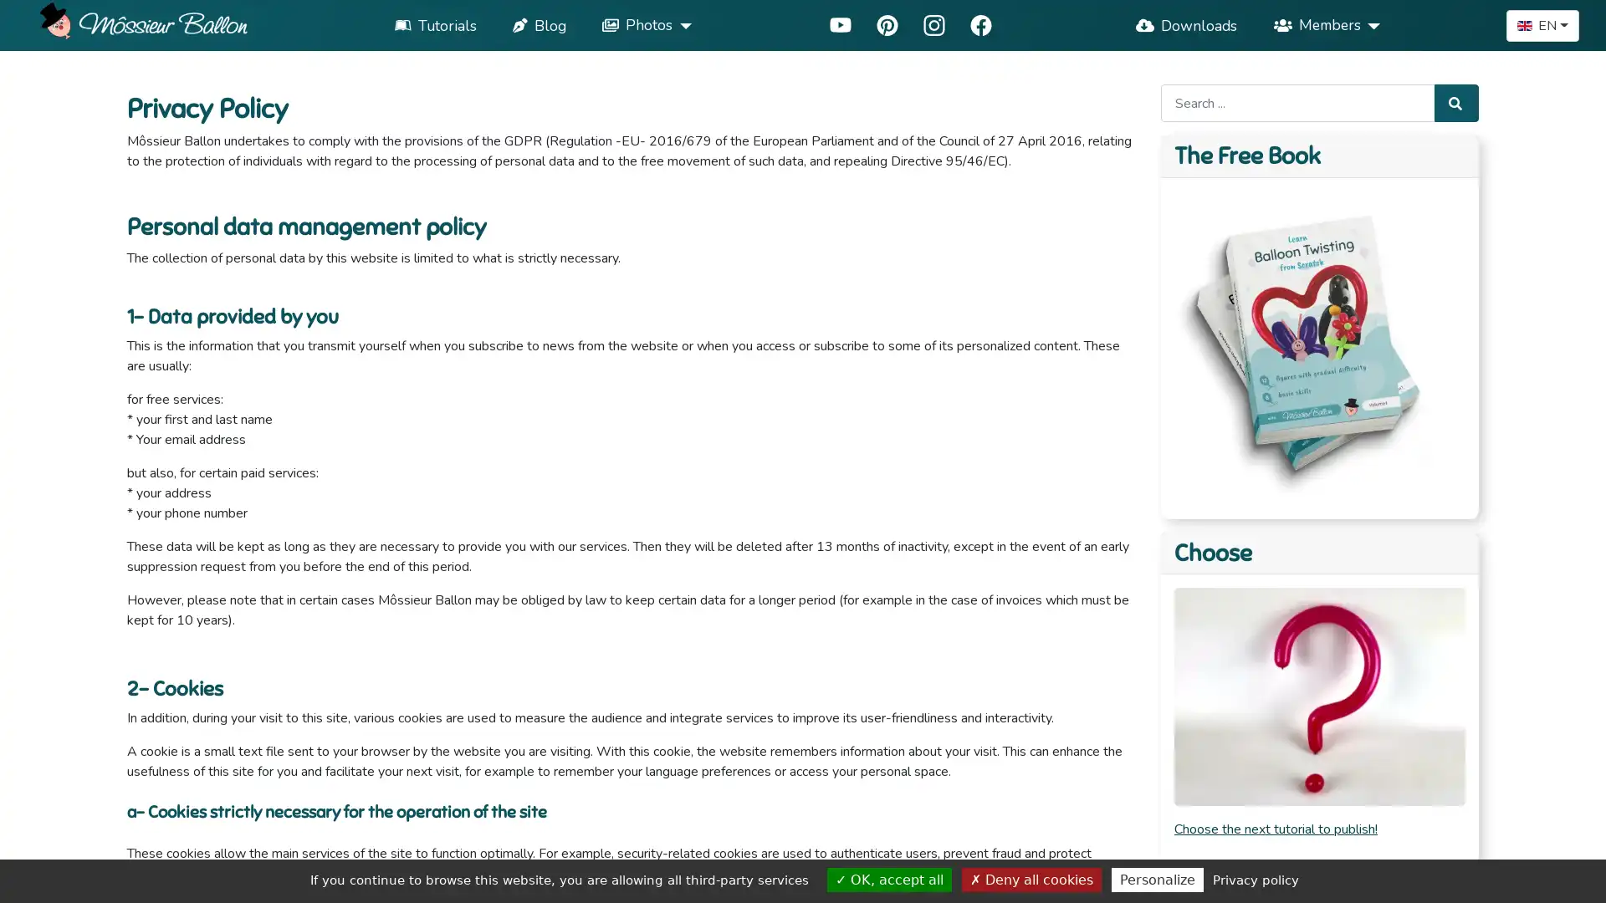 The width and height of the screenshot is (1606, 903). What do you see at coordinates (888, 879) in the screenshot?
I see `OK, accept all` at bounding box center [888, 879].